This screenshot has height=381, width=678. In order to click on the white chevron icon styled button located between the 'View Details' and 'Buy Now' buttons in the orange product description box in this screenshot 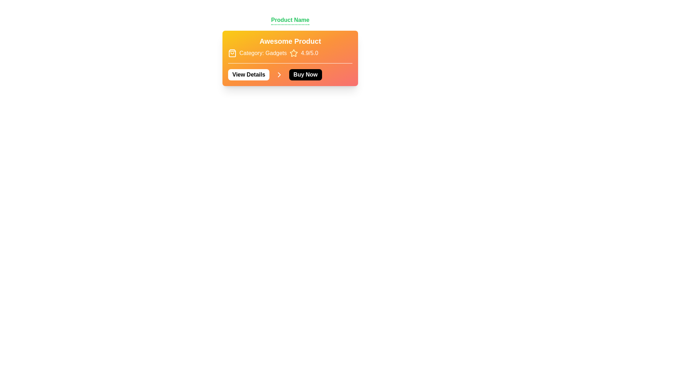, I will do `click(279, 75)`.